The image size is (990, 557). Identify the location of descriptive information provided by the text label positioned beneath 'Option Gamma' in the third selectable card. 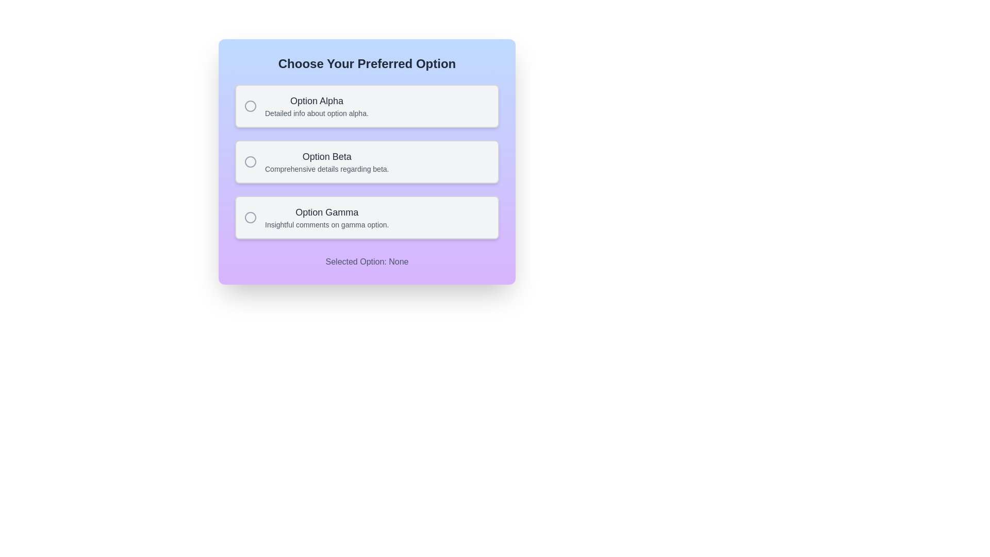
(326, 224).